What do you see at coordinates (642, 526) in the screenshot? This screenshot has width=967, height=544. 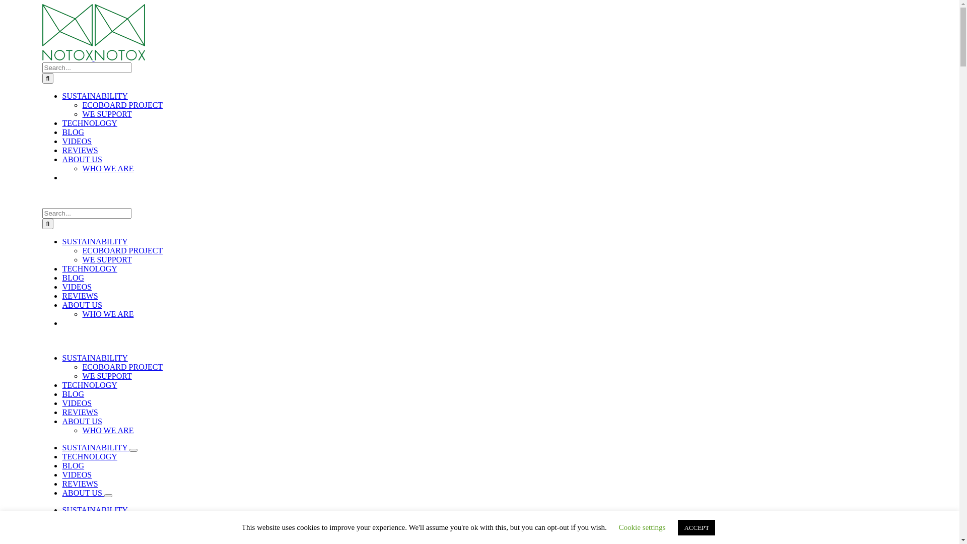 I see `'Cookie settings'` at bounding box center [642, 526].